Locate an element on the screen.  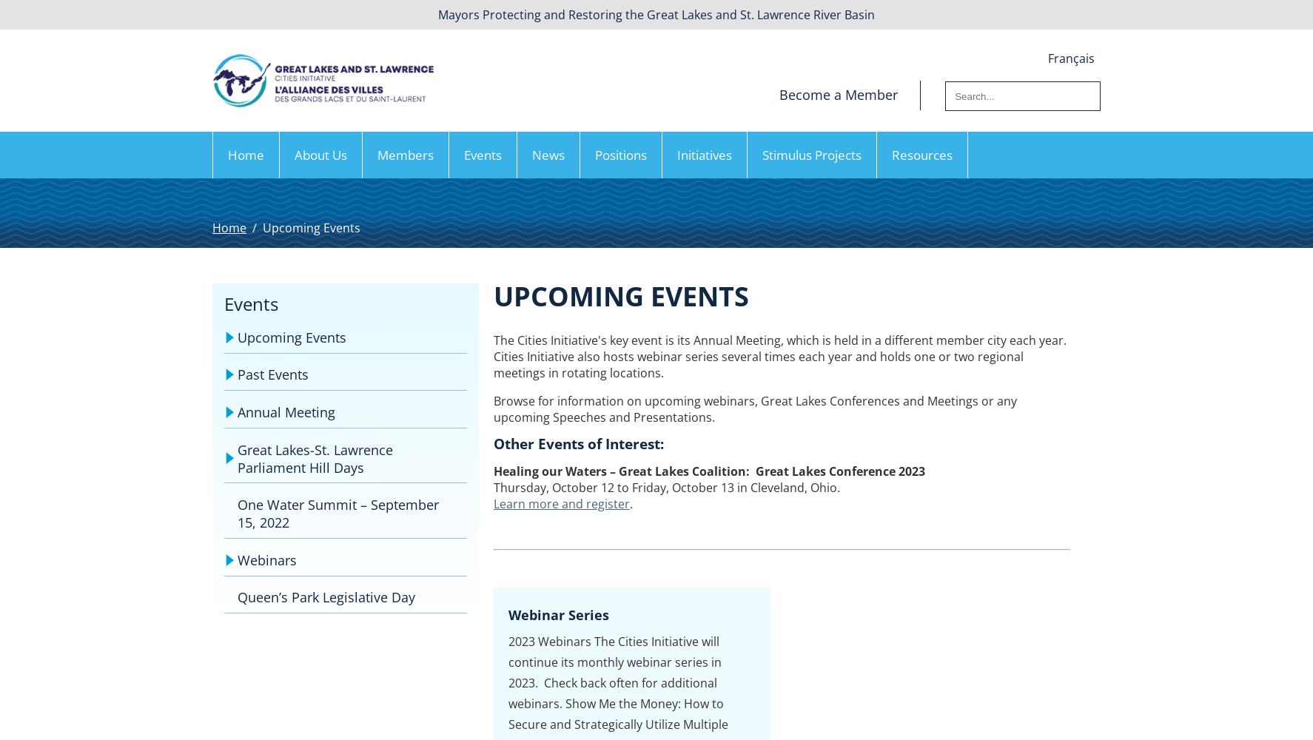
'One Water Summit – September 15, 2022' is located at coordinates (237, 513).